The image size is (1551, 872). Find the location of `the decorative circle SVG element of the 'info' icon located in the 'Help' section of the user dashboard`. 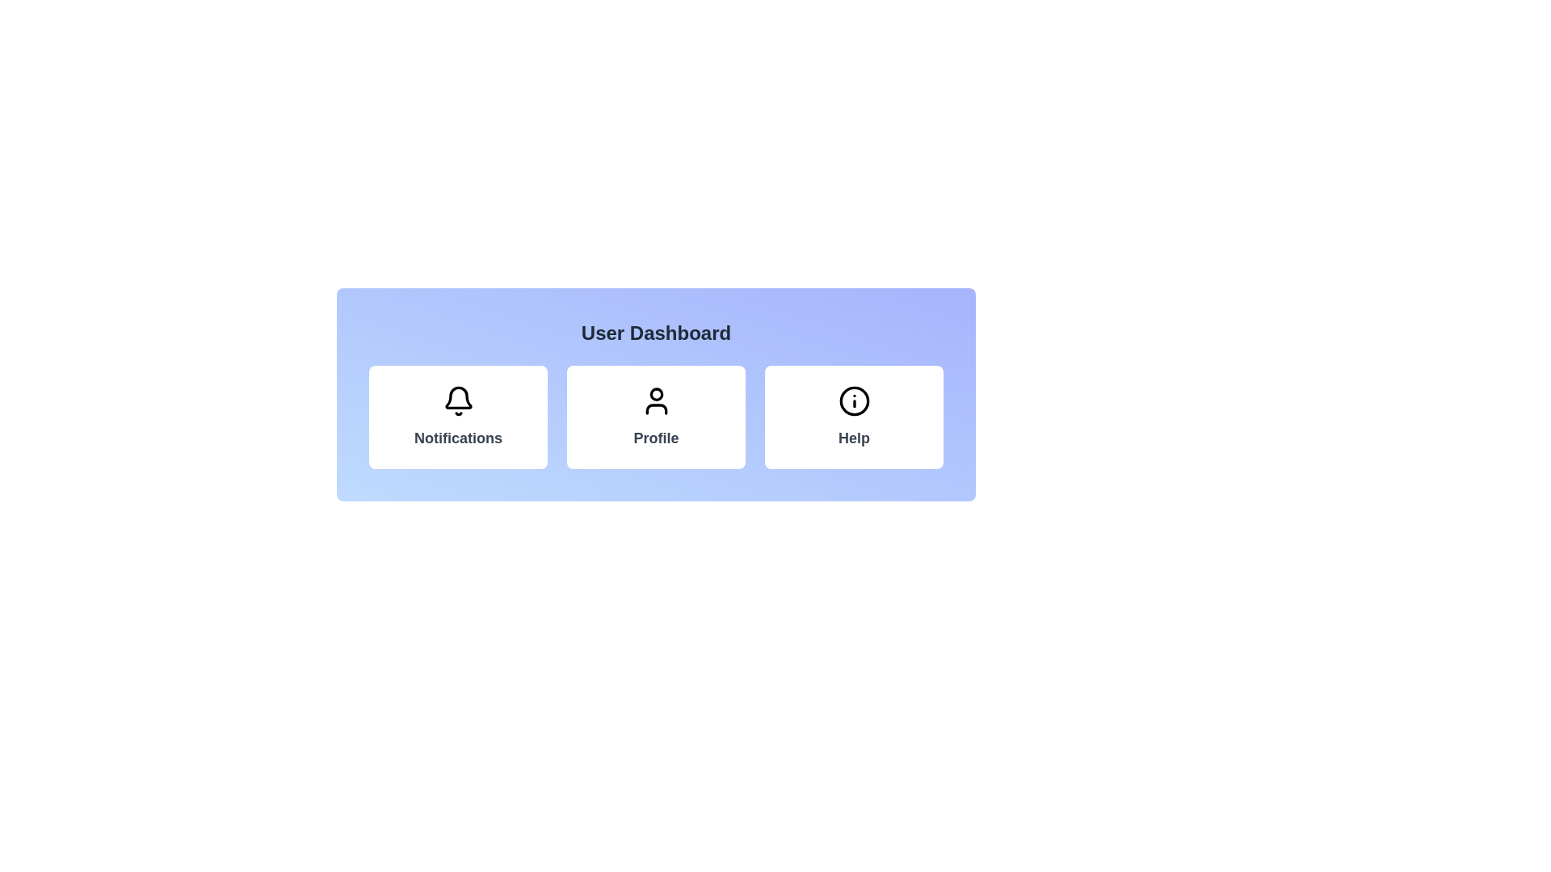

the decorative circle SVG element of the 'info' icon located in the 'Help' section of the user dashboard is located at coordinates (853, 400).